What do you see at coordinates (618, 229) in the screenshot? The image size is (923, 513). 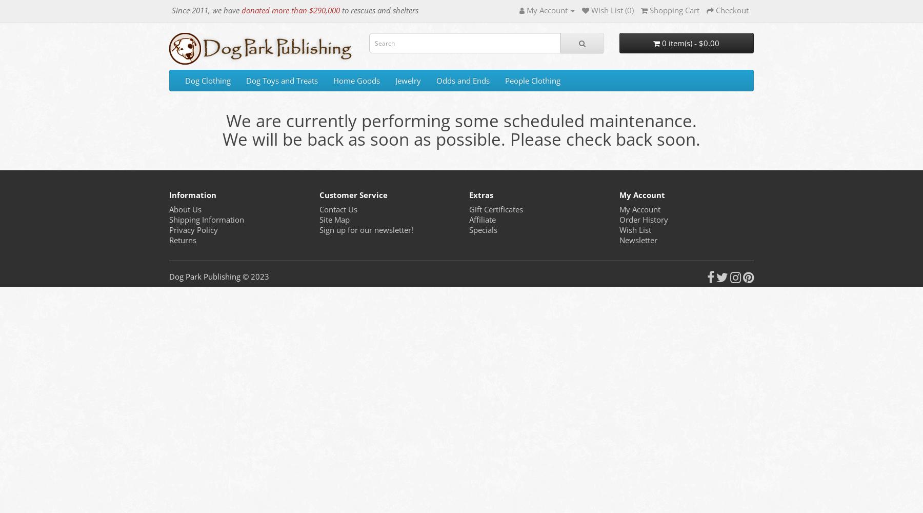 I see `'Wish List'` at bounding box center [618, 229].